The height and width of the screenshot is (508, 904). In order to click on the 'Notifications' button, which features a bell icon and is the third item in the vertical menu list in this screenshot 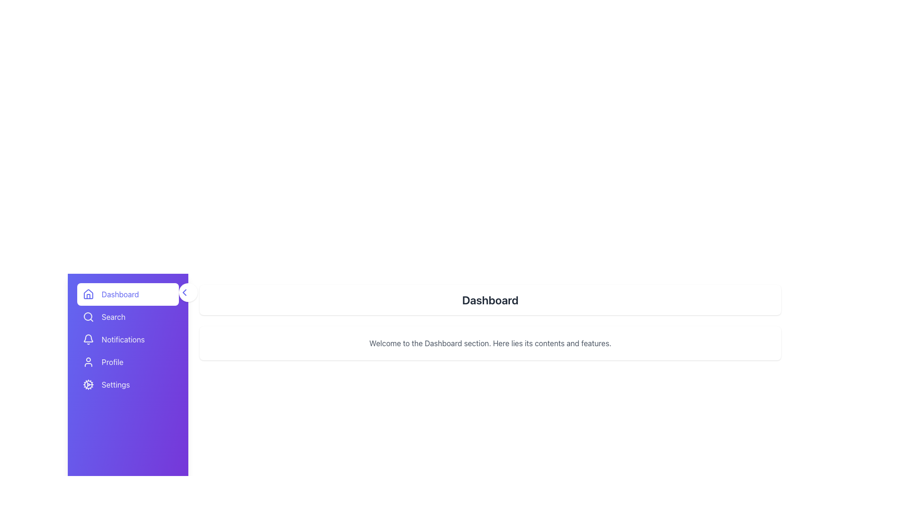, I will do `click(128, 339)`.